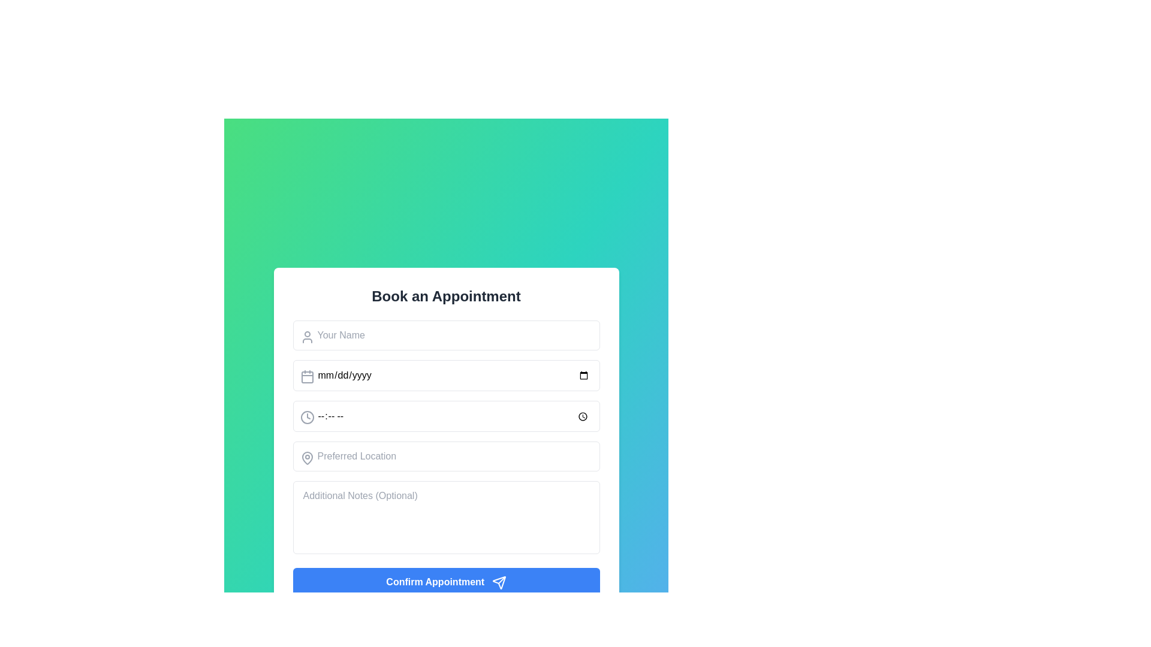 The height and width of the screenshot is (647, 1151). I want to click on the 'Confirm Appointment' button, which is styled with a blue background and white text, located at the bottom of the form layout, so click(445, 582).